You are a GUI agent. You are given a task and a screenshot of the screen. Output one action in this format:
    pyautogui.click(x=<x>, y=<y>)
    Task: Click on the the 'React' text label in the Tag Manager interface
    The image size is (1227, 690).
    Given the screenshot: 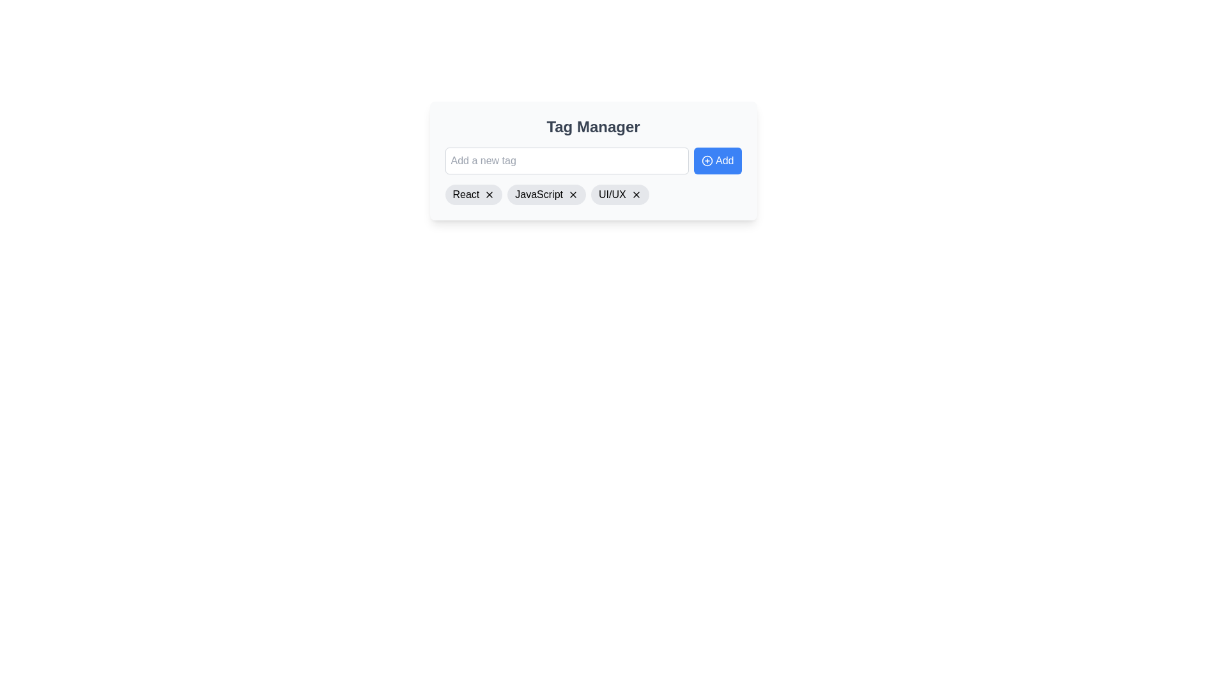 What is the action you would take?
    pyautogui.click(x=465, y=194)
    